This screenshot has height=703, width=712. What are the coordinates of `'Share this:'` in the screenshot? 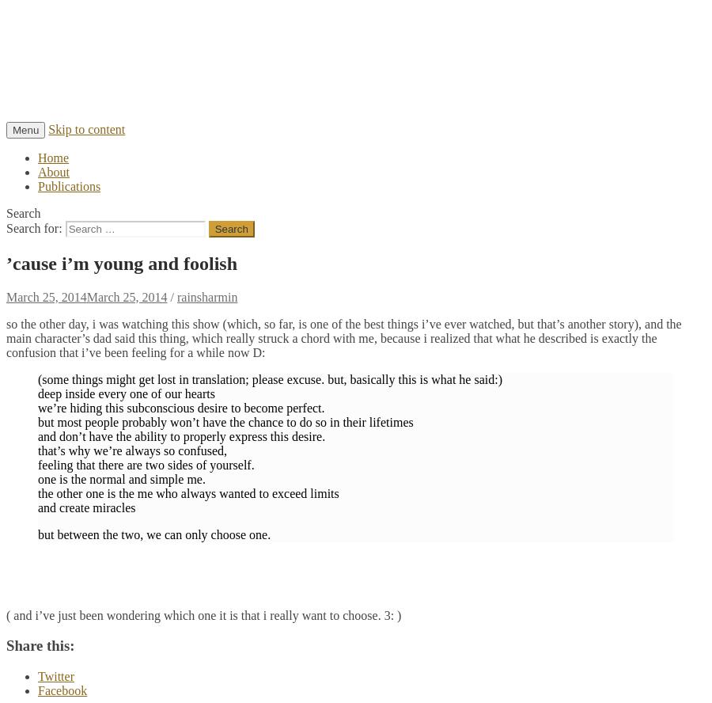 It's located at (40, 645).